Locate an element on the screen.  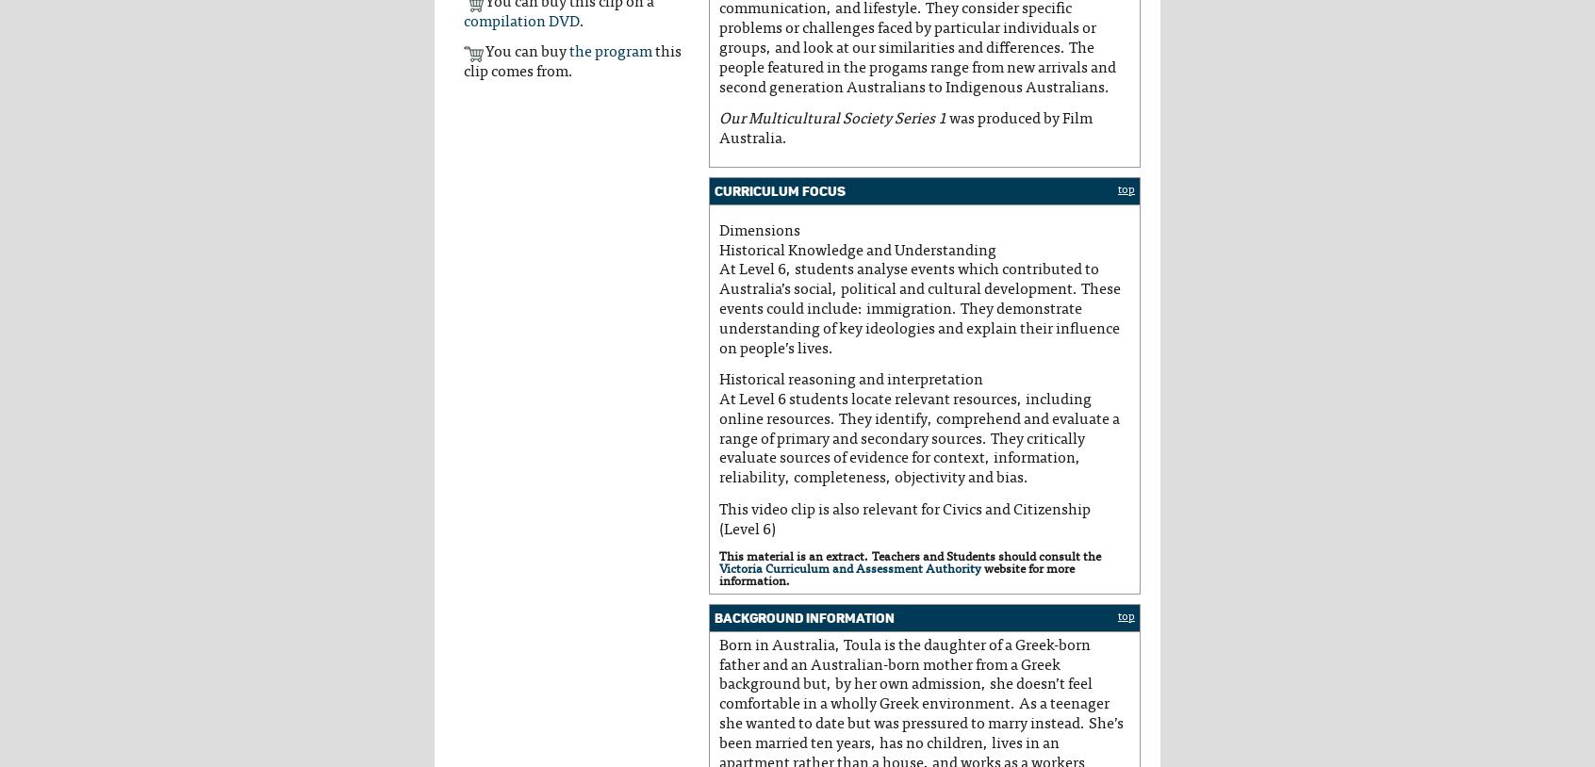
'was produced by Film Australia.' is located at coordinates (906, 128).